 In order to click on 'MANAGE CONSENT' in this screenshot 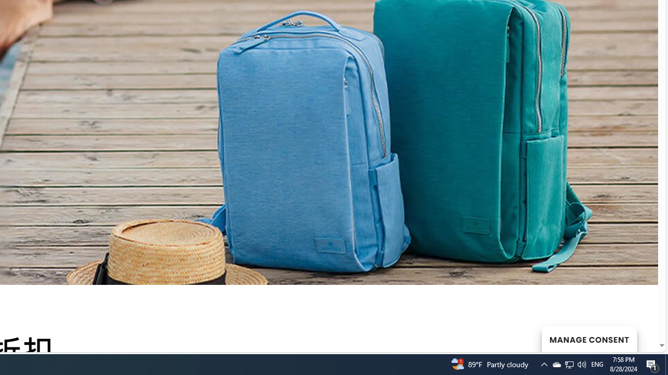, I will do `click(589, 339)`.